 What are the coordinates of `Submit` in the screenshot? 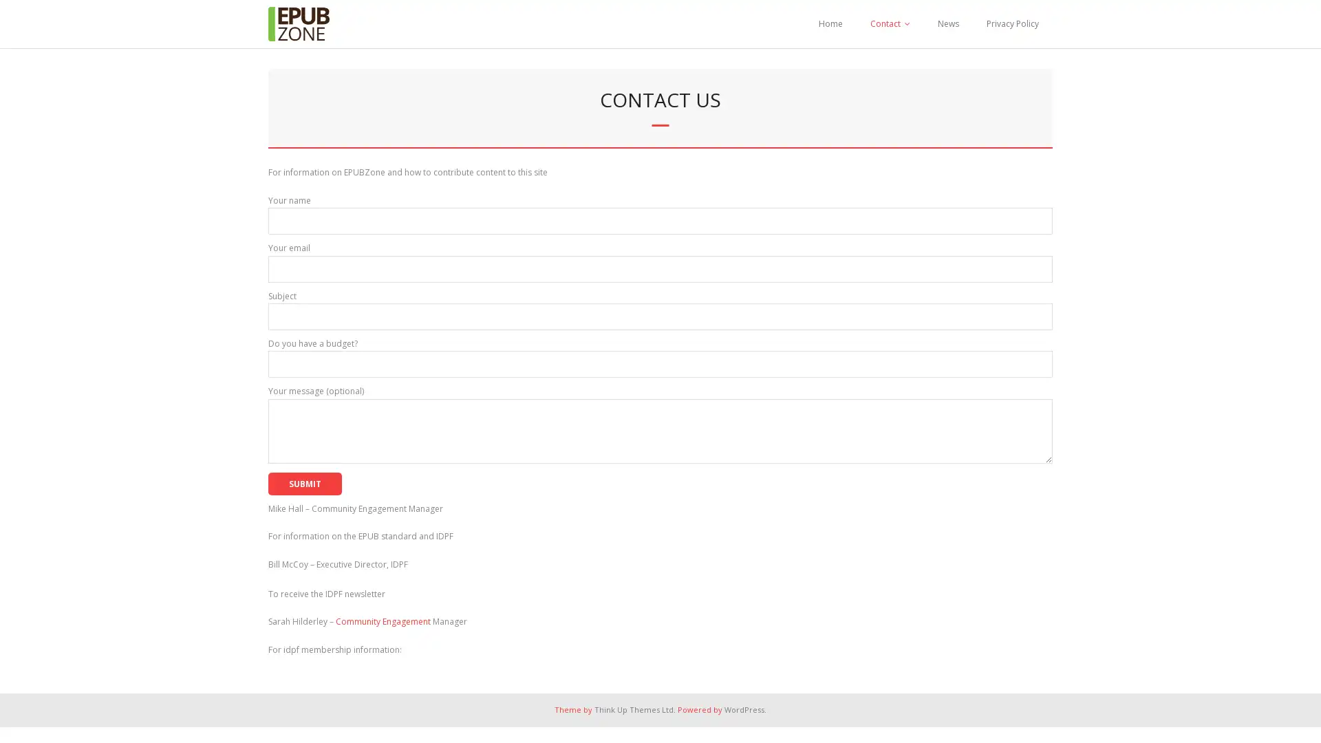 It's located at (304, 482).